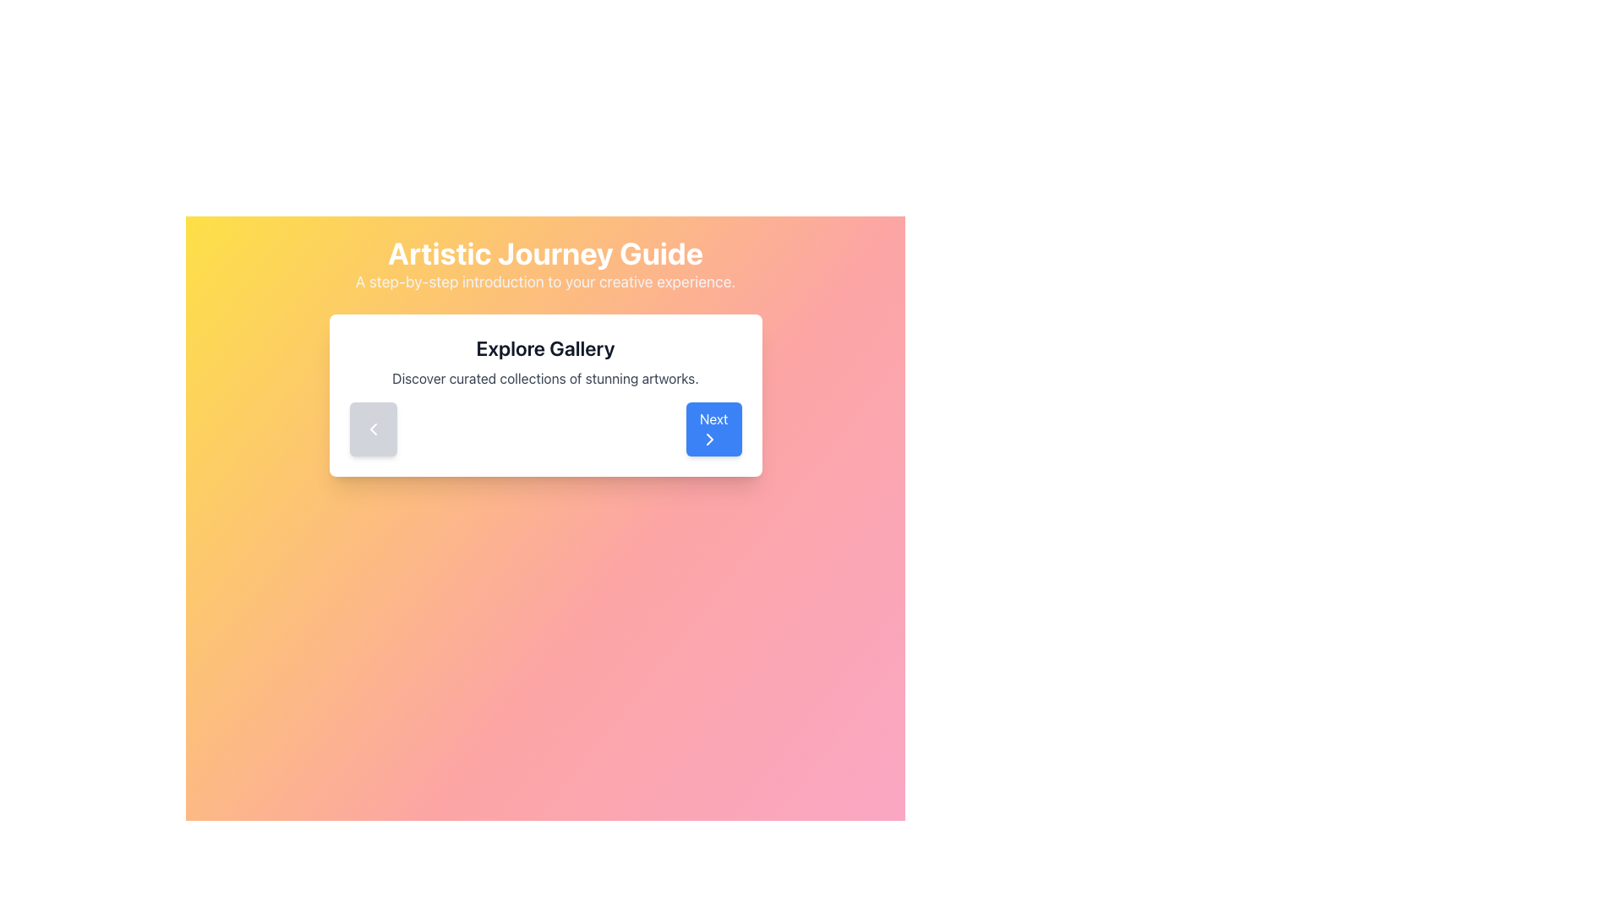 The image size is (1623, 913). What do you see at coordinates (372, 429) in the screenshot?
I see `the disabled button located on the left side at the bottom of the content card, which is the first button in the row before the 'Next' button` at bounding box center [372, 429].